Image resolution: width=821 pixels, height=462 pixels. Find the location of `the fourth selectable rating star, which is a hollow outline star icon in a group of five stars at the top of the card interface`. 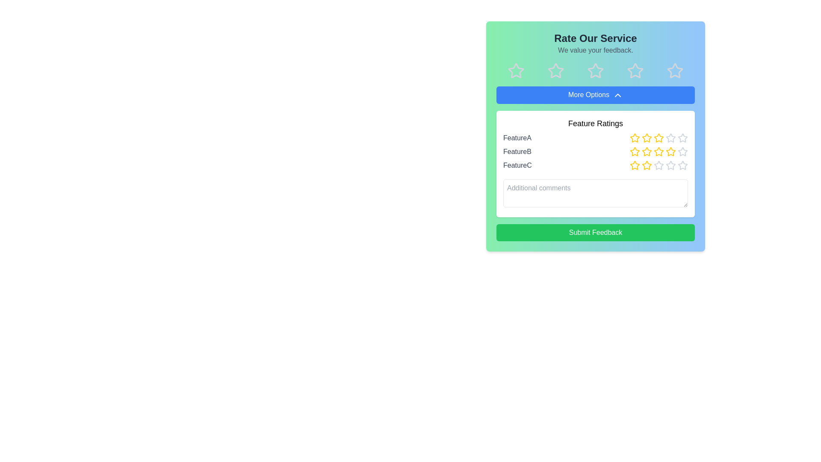

the fourth selectable rating star, which is a hollow outline star icon in a group of five stars at the top of the card interface is located at coordinates (635, 70).